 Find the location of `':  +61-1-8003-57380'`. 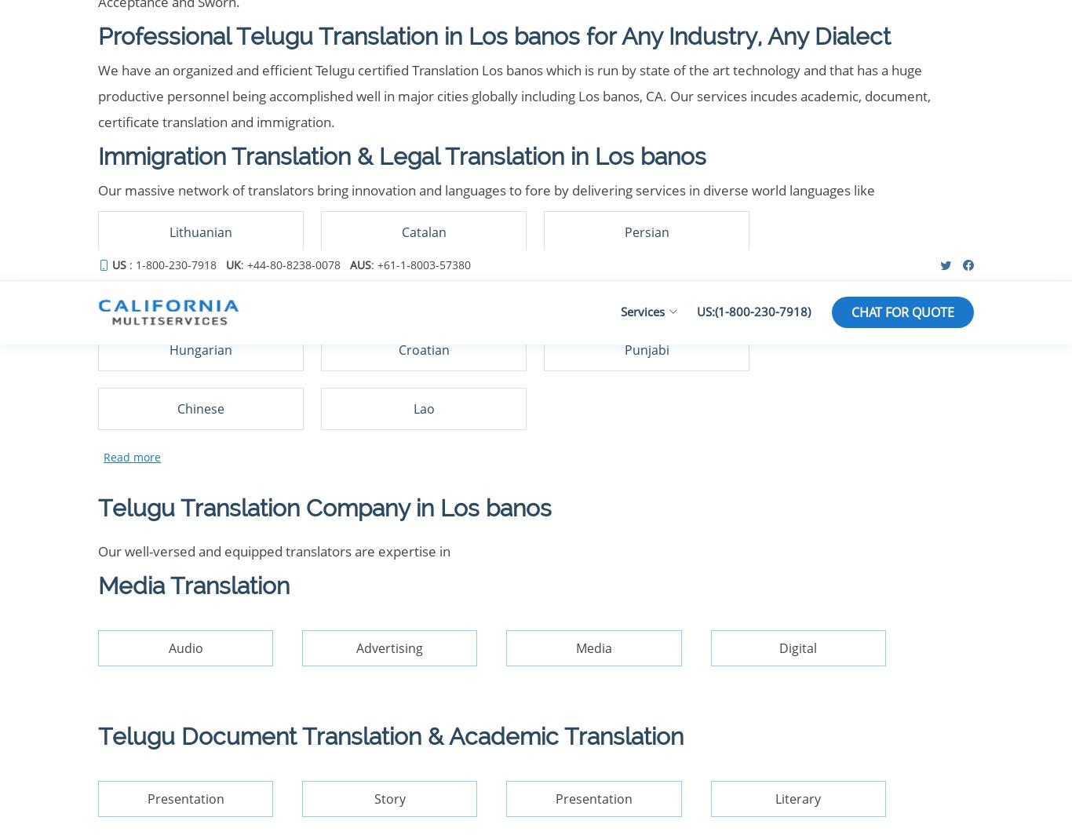

':  +61-1-8003-57380' is located at coordinates (560, 379).